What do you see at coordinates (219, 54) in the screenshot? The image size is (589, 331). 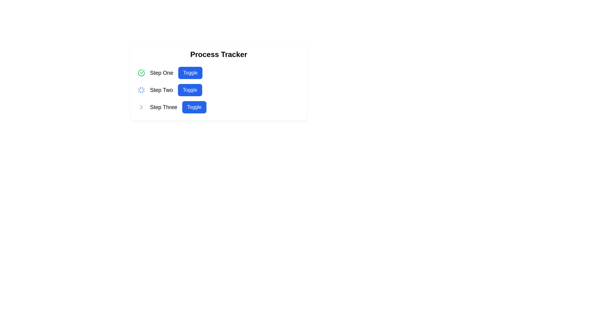 I see `text 'Process Tracker' displayed in bold, large font at the top of the card-like layout` at bounding box center [219, 54].